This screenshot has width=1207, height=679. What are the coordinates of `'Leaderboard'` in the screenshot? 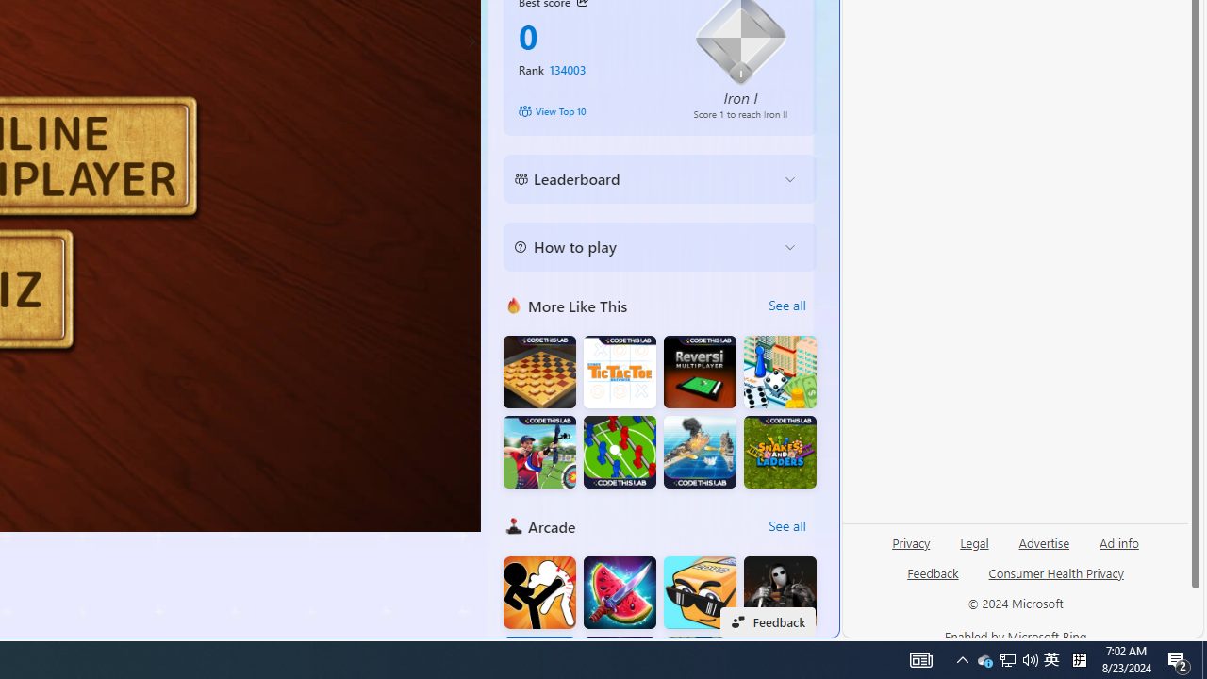 It's located at (645, 179).